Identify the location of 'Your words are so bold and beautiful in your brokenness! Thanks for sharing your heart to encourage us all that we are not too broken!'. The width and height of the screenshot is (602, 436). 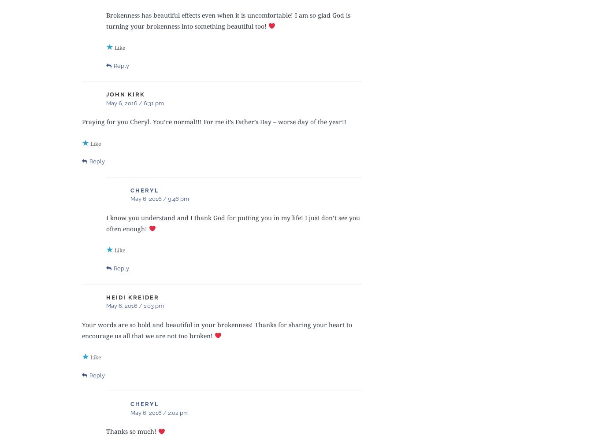
(82, 330).